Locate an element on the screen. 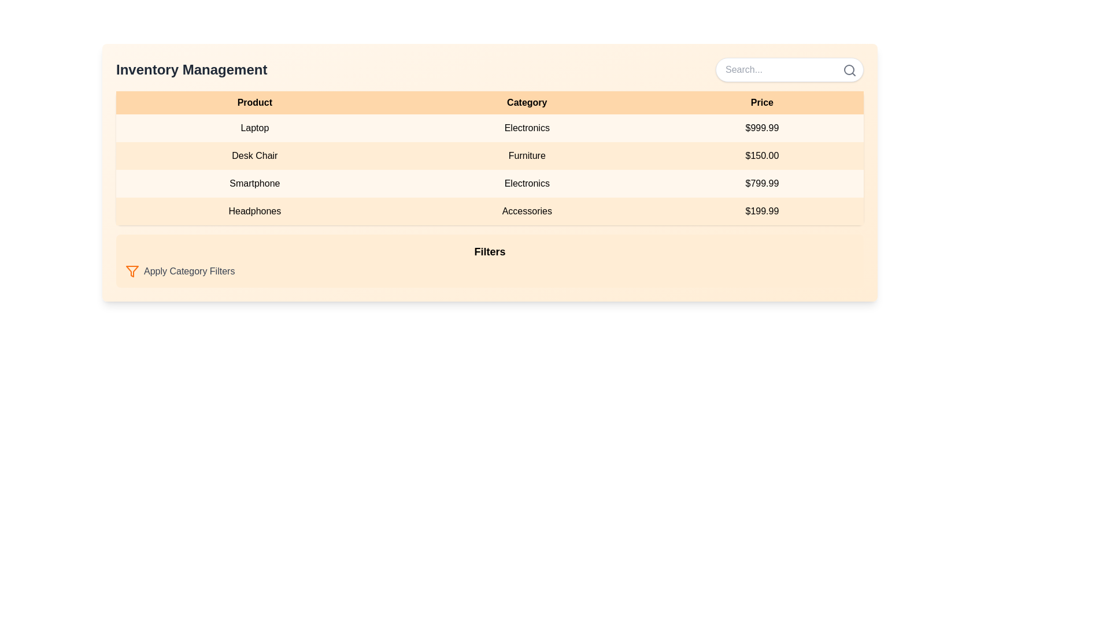 The width and height of the screenshot is (1110, 624). the 'Price' text label in the table header is located at coordinates (762, 102).